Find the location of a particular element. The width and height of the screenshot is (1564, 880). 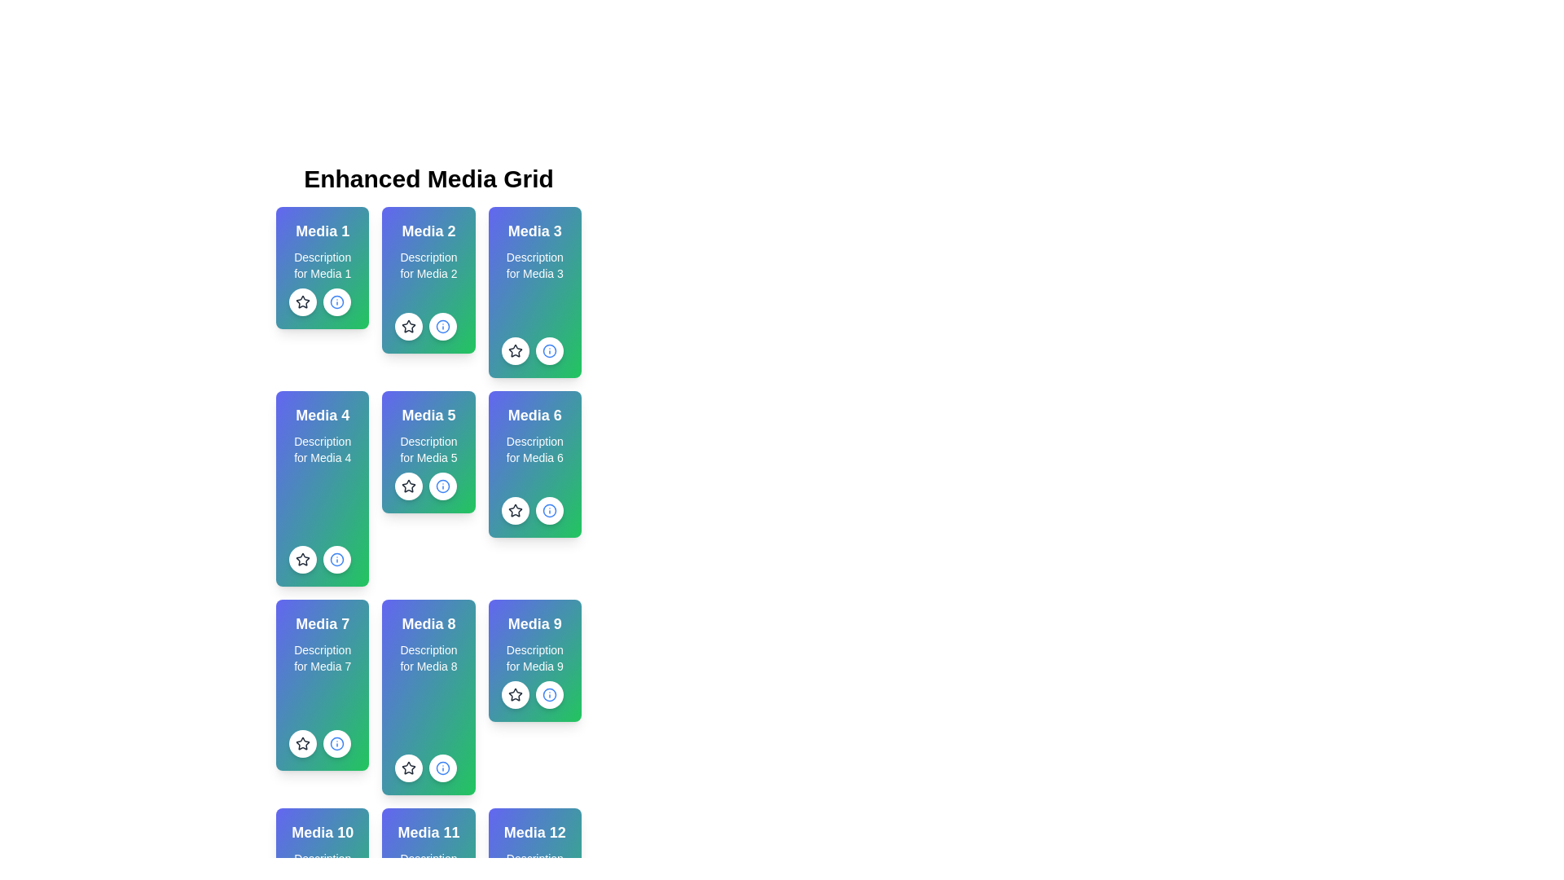

the star outline icon button within the 'Media 7' card is located at coordinates (303, 744).